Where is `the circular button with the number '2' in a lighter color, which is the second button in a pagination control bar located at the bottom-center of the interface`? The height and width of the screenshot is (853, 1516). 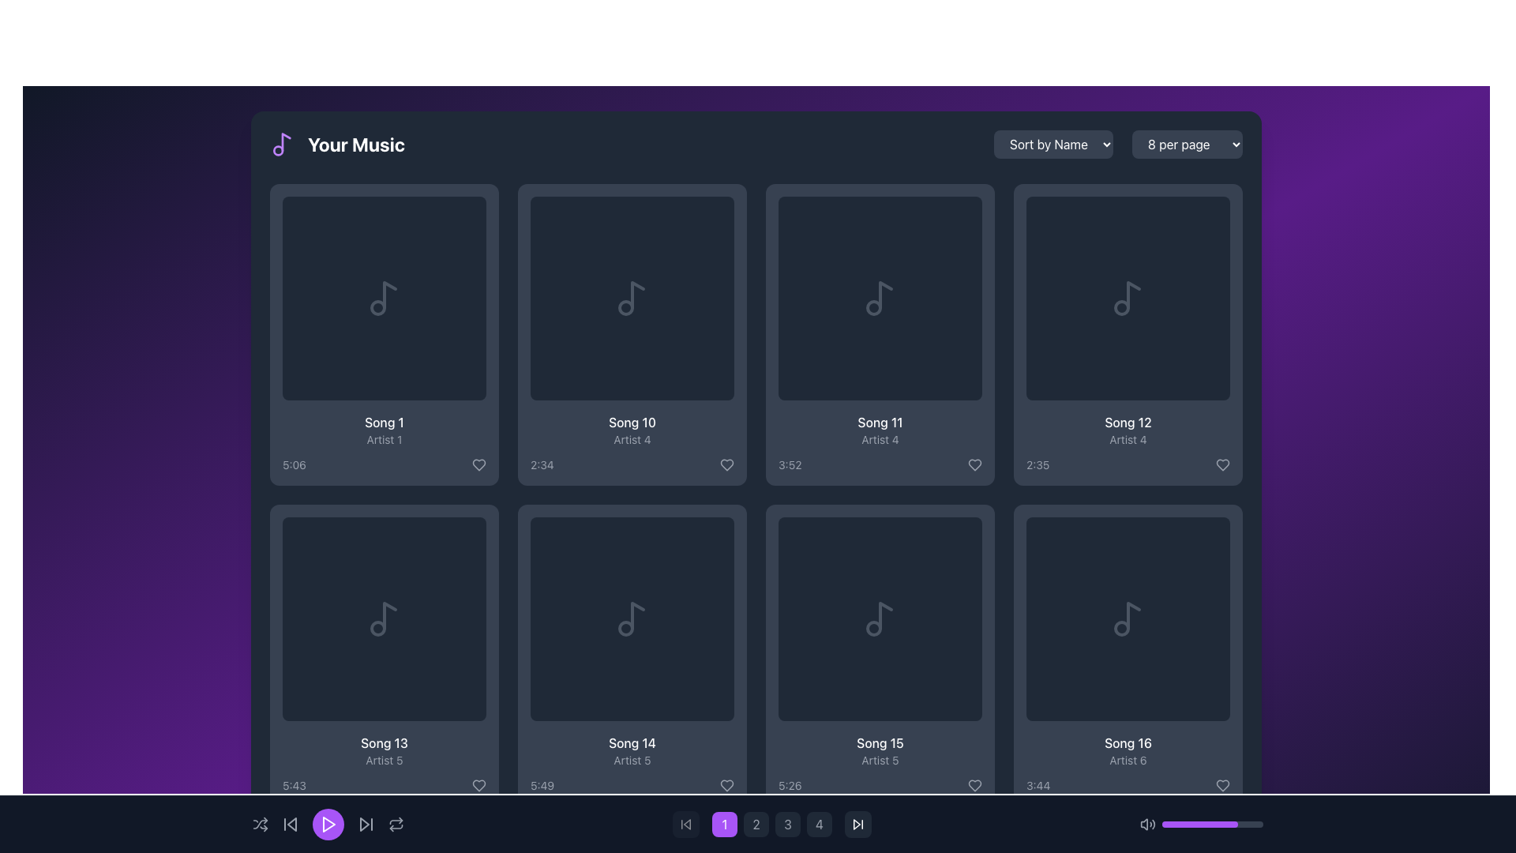 the circular button with the number '2' in a lighter color, which is the second button in a pagination control bar located at the bottom-center of the interface is located at coordinates (756, 824).